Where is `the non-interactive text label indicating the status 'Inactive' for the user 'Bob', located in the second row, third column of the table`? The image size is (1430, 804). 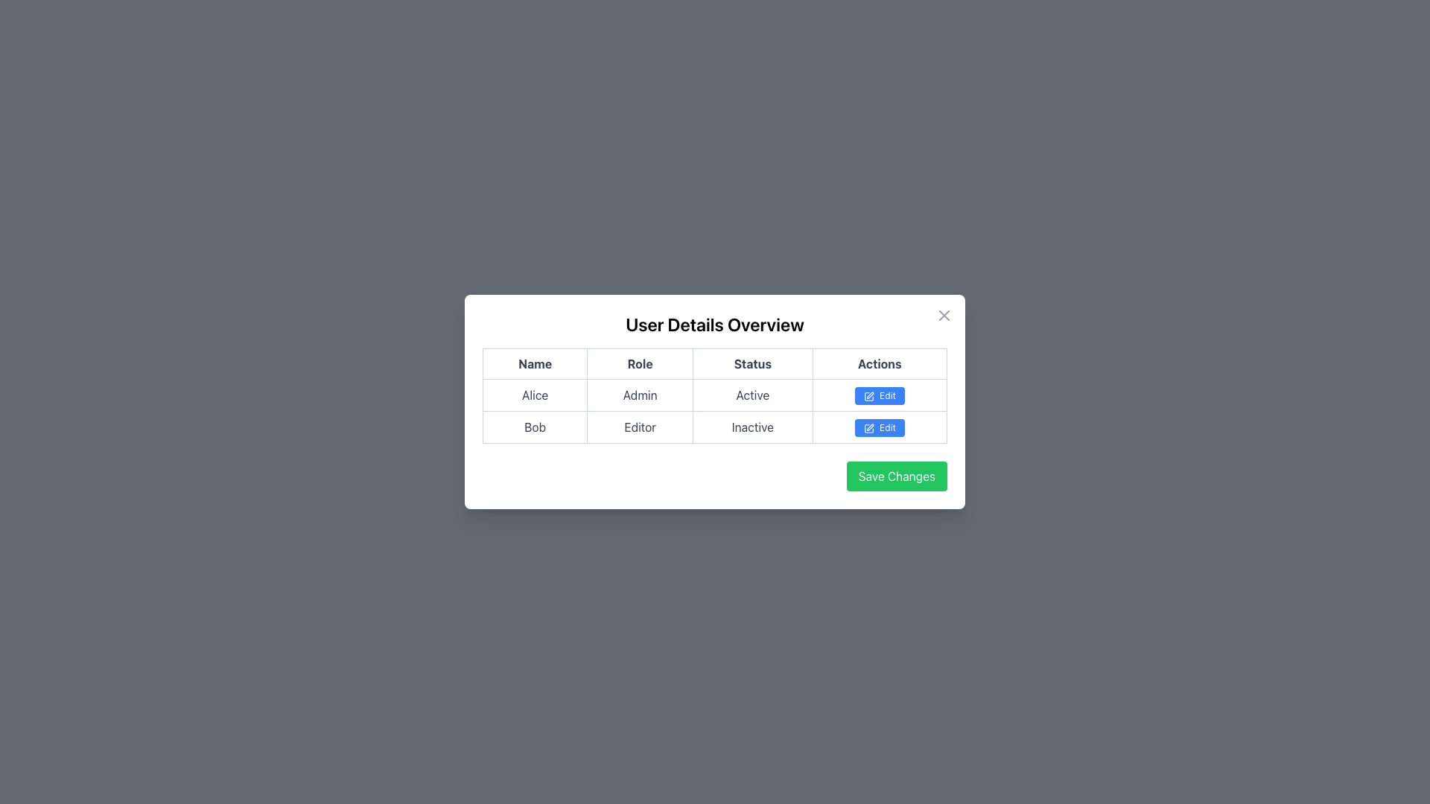 the non-interactive text label indicating the status 'Inactive' for the user 'Bob', located in the second row, third column of the table is located at coordinates (752, 427).